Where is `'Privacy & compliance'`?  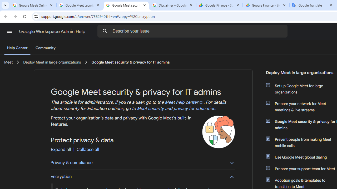
'Privacy & compliance' is located at coordinates (143, 162).